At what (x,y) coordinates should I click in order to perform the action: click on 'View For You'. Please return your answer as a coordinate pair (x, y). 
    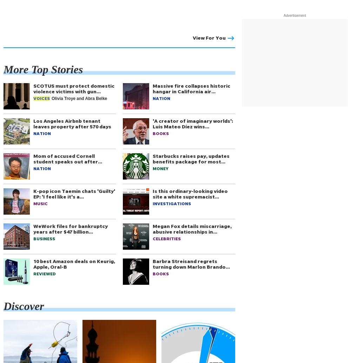
    Looking at the image, I should click on (209, 38).